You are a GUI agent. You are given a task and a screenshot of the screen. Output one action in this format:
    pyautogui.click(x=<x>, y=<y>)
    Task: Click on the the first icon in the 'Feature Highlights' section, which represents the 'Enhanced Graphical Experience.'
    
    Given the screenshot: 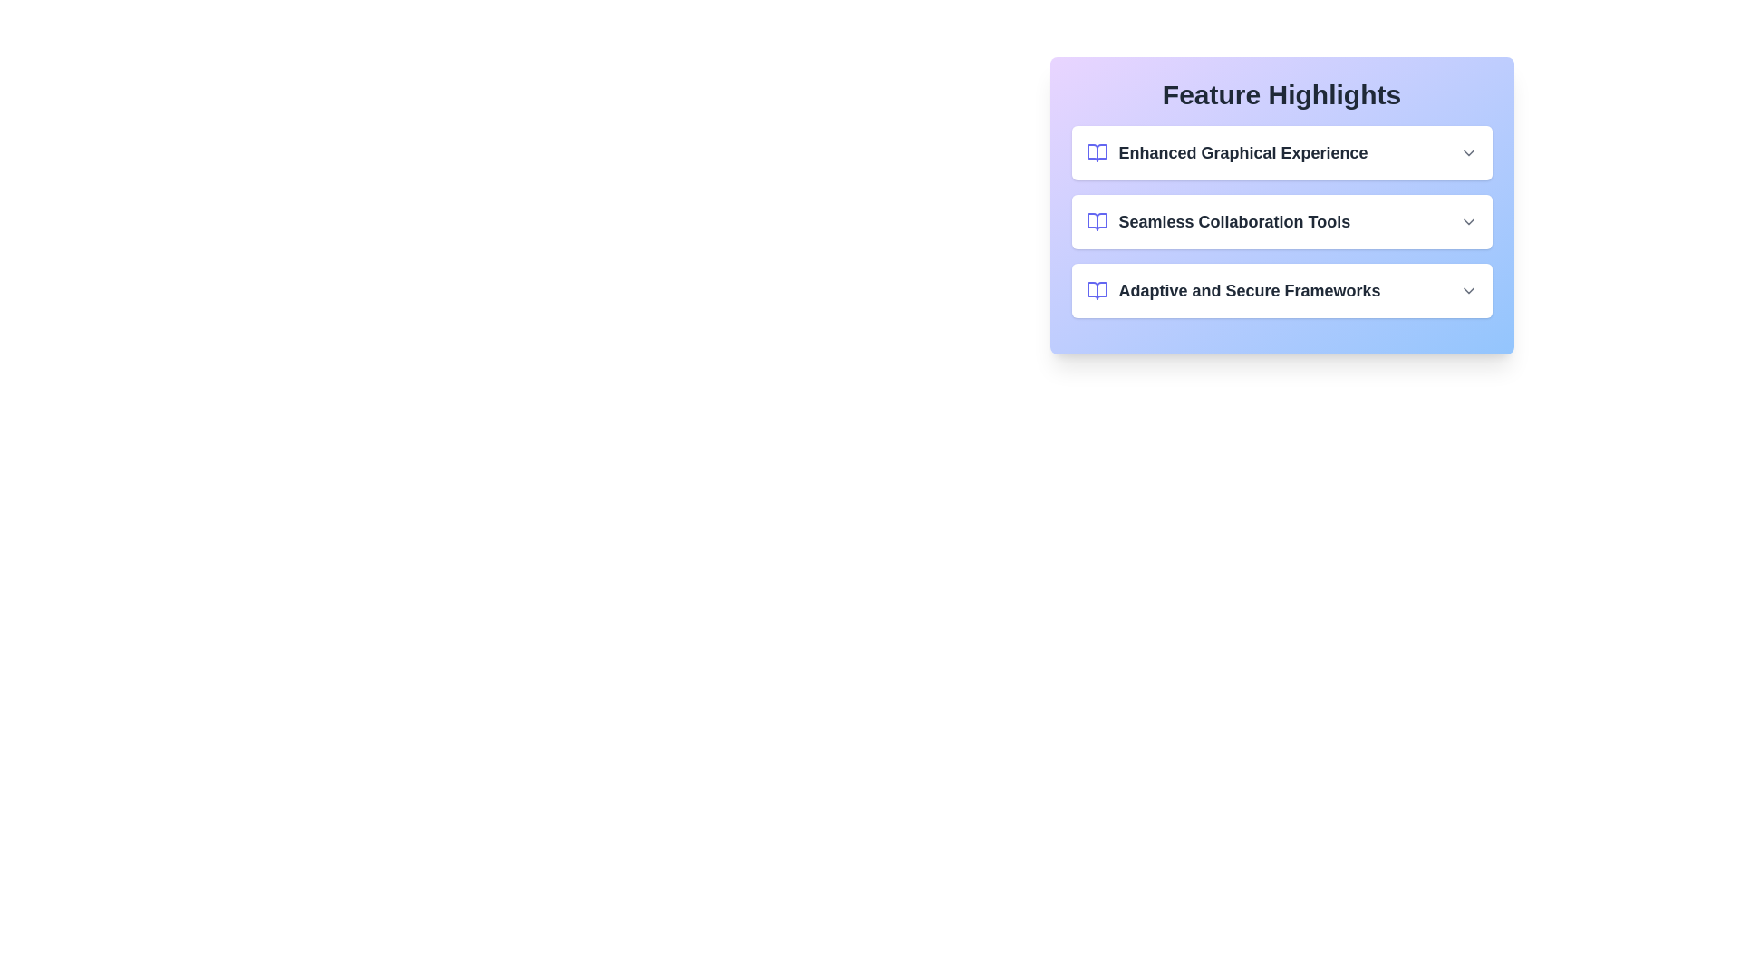 What is the action you would take?
    pyautogui.click(x=1096, y=152)
    